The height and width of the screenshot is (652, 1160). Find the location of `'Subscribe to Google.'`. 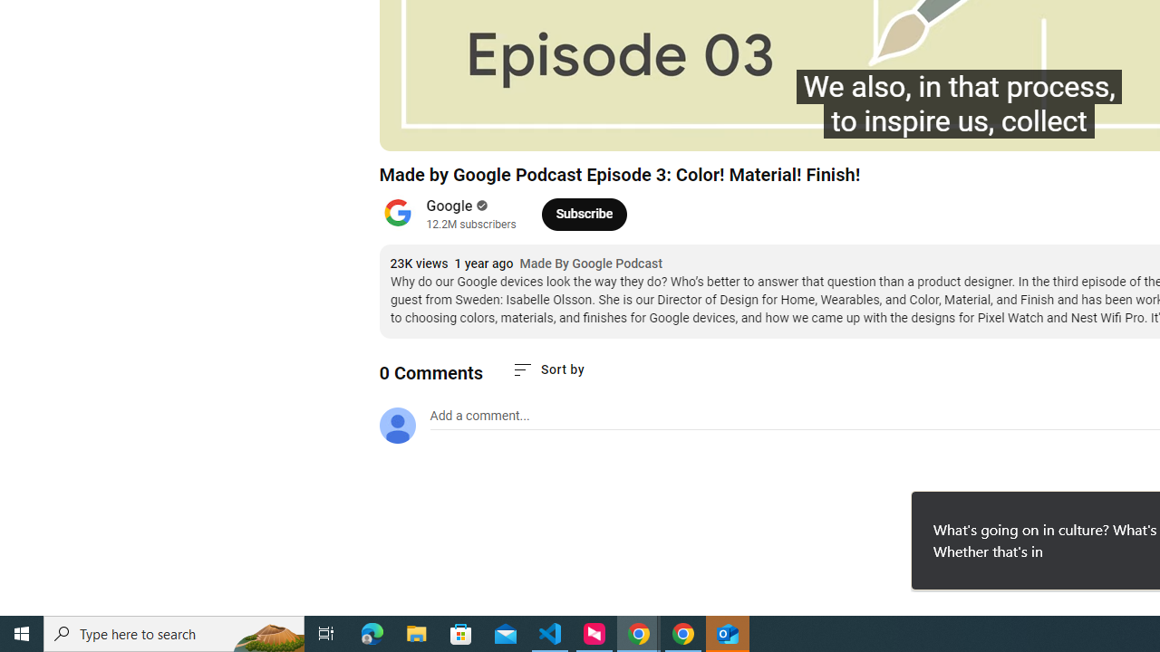

'Subscribe to Google.' is located at coordinates (584, 213).